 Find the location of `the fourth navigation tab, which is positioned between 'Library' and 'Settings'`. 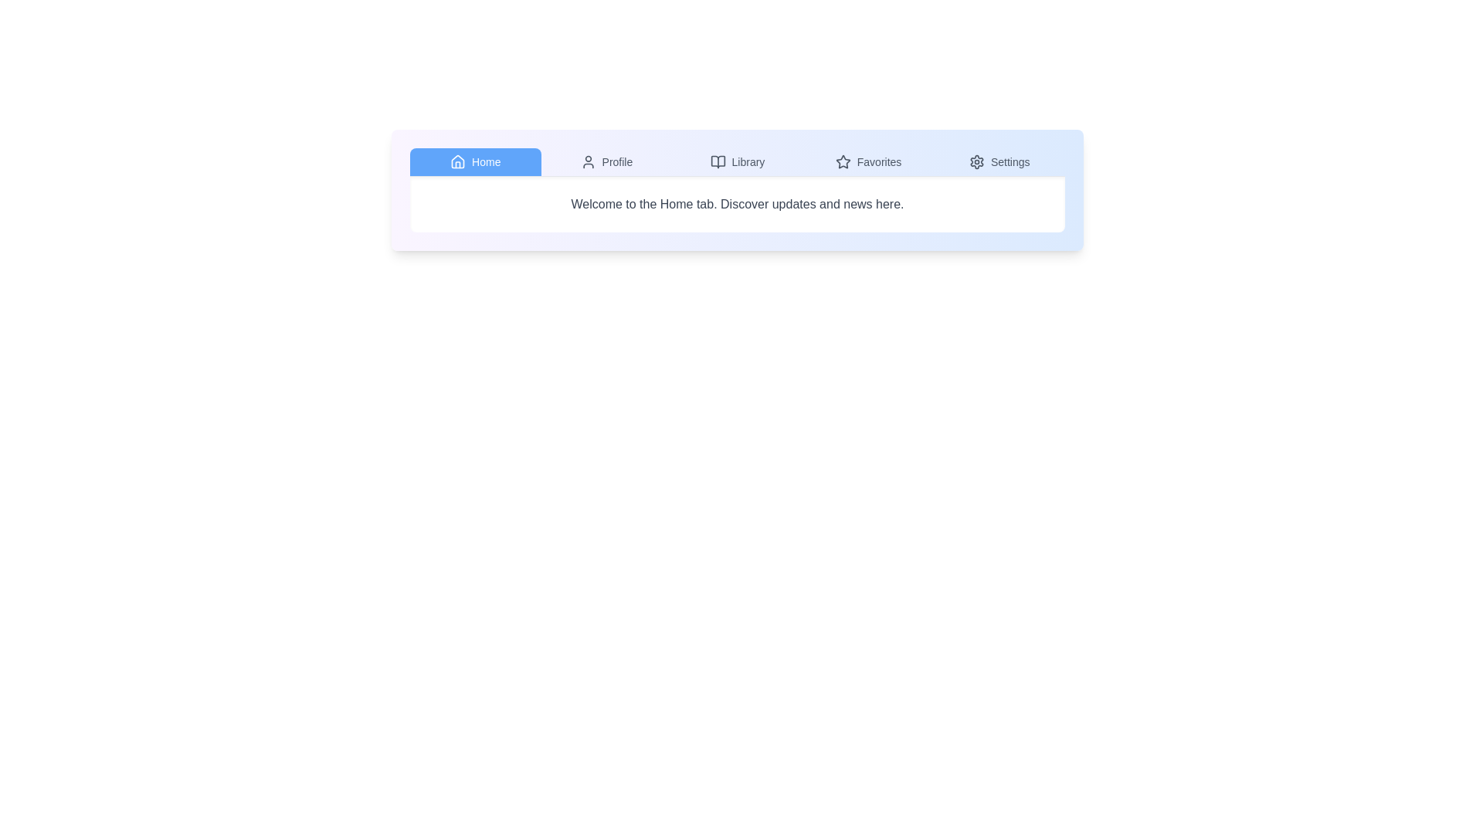

the fourth navigation tab, which is positioned between 'Library' and 'Settings' is located at coordinates (867, 161).